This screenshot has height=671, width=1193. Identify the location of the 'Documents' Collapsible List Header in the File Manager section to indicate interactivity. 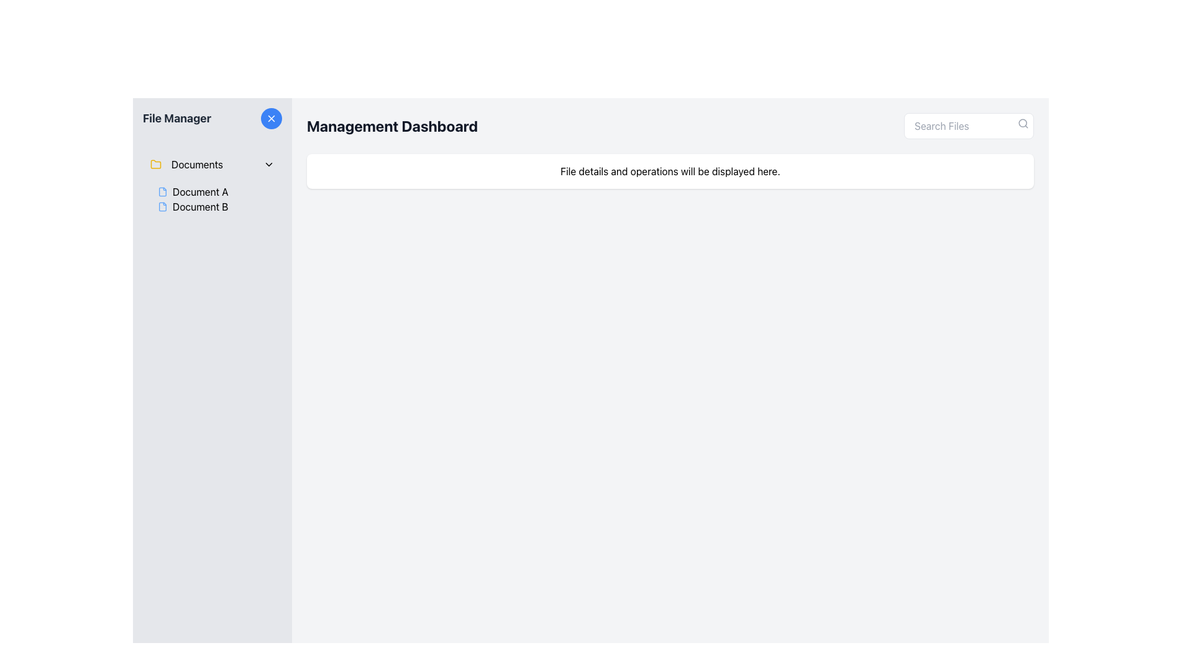
(212, 164).